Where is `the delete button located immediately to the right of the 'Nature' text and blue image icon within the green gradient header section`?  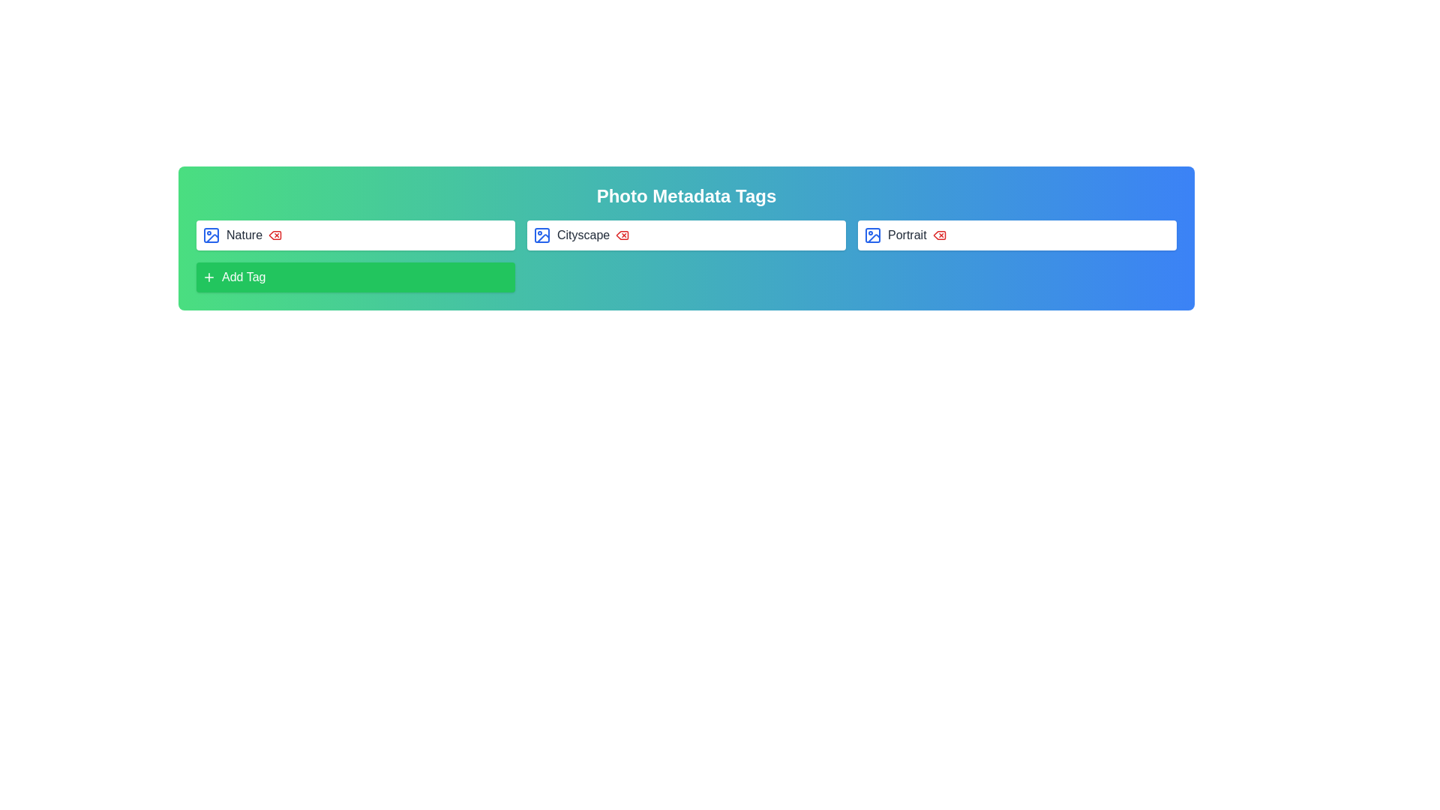 the delete button located immediately to the right of the 'Nature' text and blue image icon within the green gradient header section is located at coordinates (275, 235).